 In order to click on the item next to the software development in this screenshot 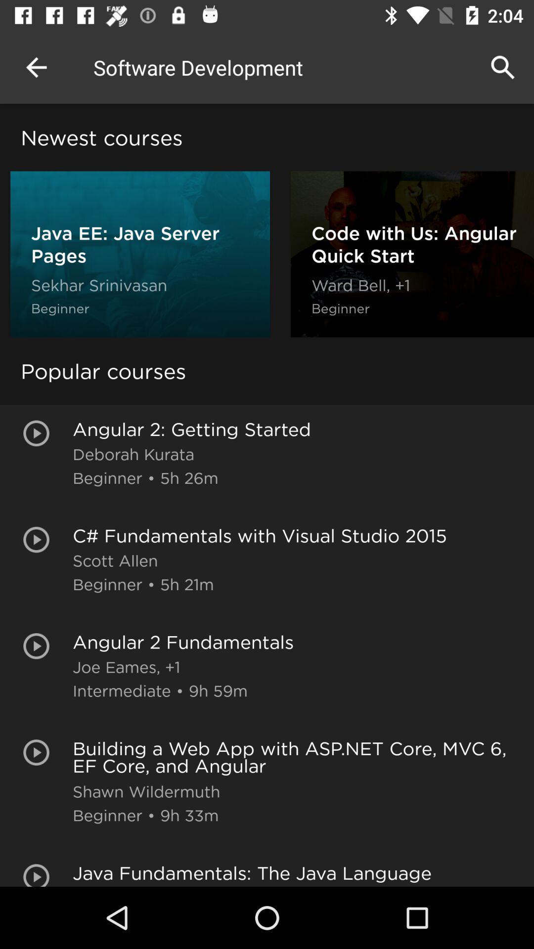, I will do `click(36, 67)`.